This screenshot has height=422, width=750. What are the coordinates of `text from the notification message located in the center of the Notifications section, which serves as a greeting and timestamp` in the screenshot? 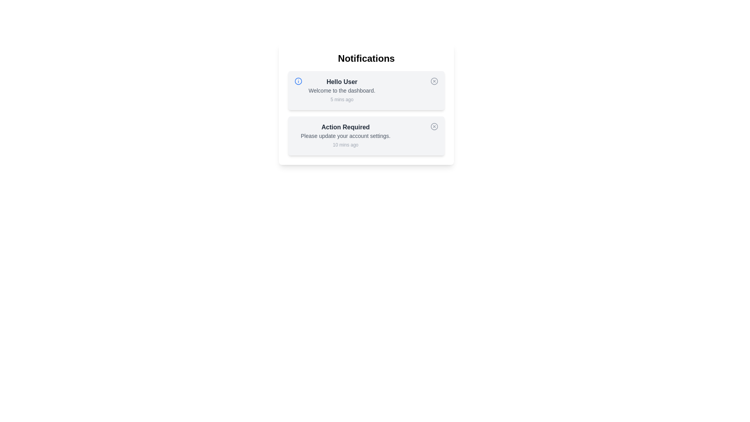 It's located at (342, 90).